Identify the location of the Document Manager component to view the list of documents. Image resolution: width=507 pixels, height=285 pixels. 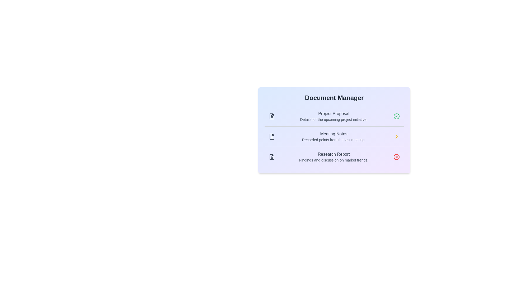
(334, 130).